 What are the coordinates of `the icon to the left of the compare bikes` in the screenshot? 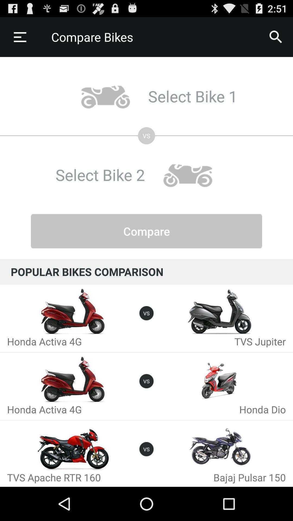 It's located at (20, 37).